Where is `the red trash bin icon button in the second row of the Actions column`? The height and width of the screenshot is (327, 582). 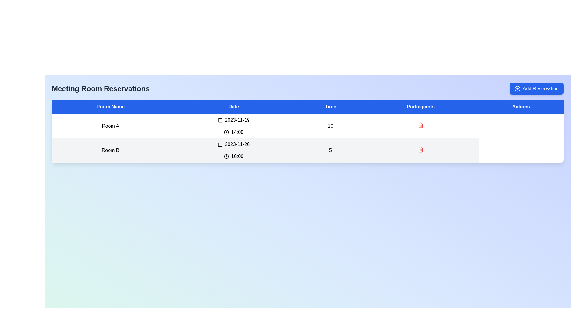
the red trash bin icon button in the second row of the Actions column is located at coordinates (420, 125).